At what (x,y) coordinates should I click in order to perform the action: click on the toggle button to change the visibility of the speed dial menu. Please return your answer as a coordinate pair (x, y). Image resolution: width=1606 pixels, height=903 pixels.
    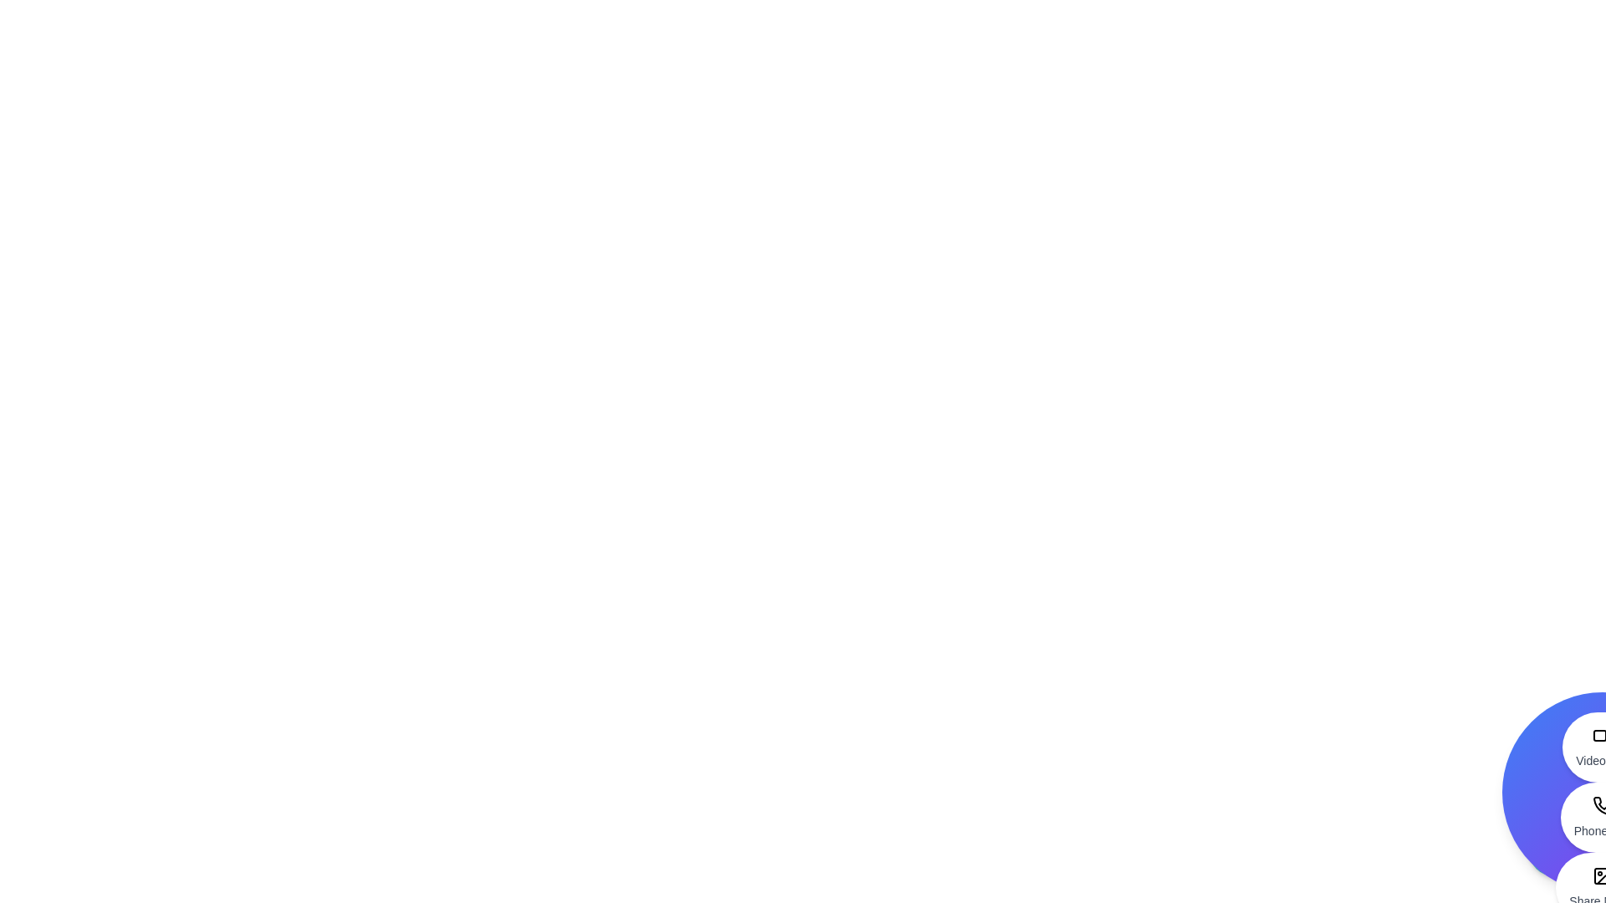
    Looking at the image, I should click on (1552, 851).